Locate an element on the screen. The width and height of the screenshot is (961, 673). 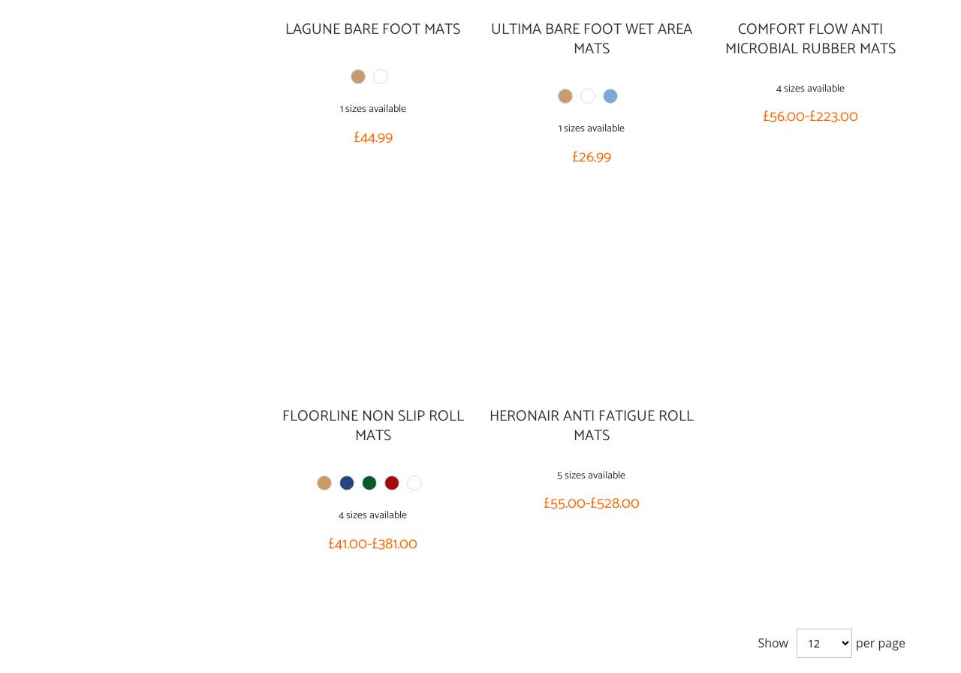
'Show' is located at coordinates (772, 641).